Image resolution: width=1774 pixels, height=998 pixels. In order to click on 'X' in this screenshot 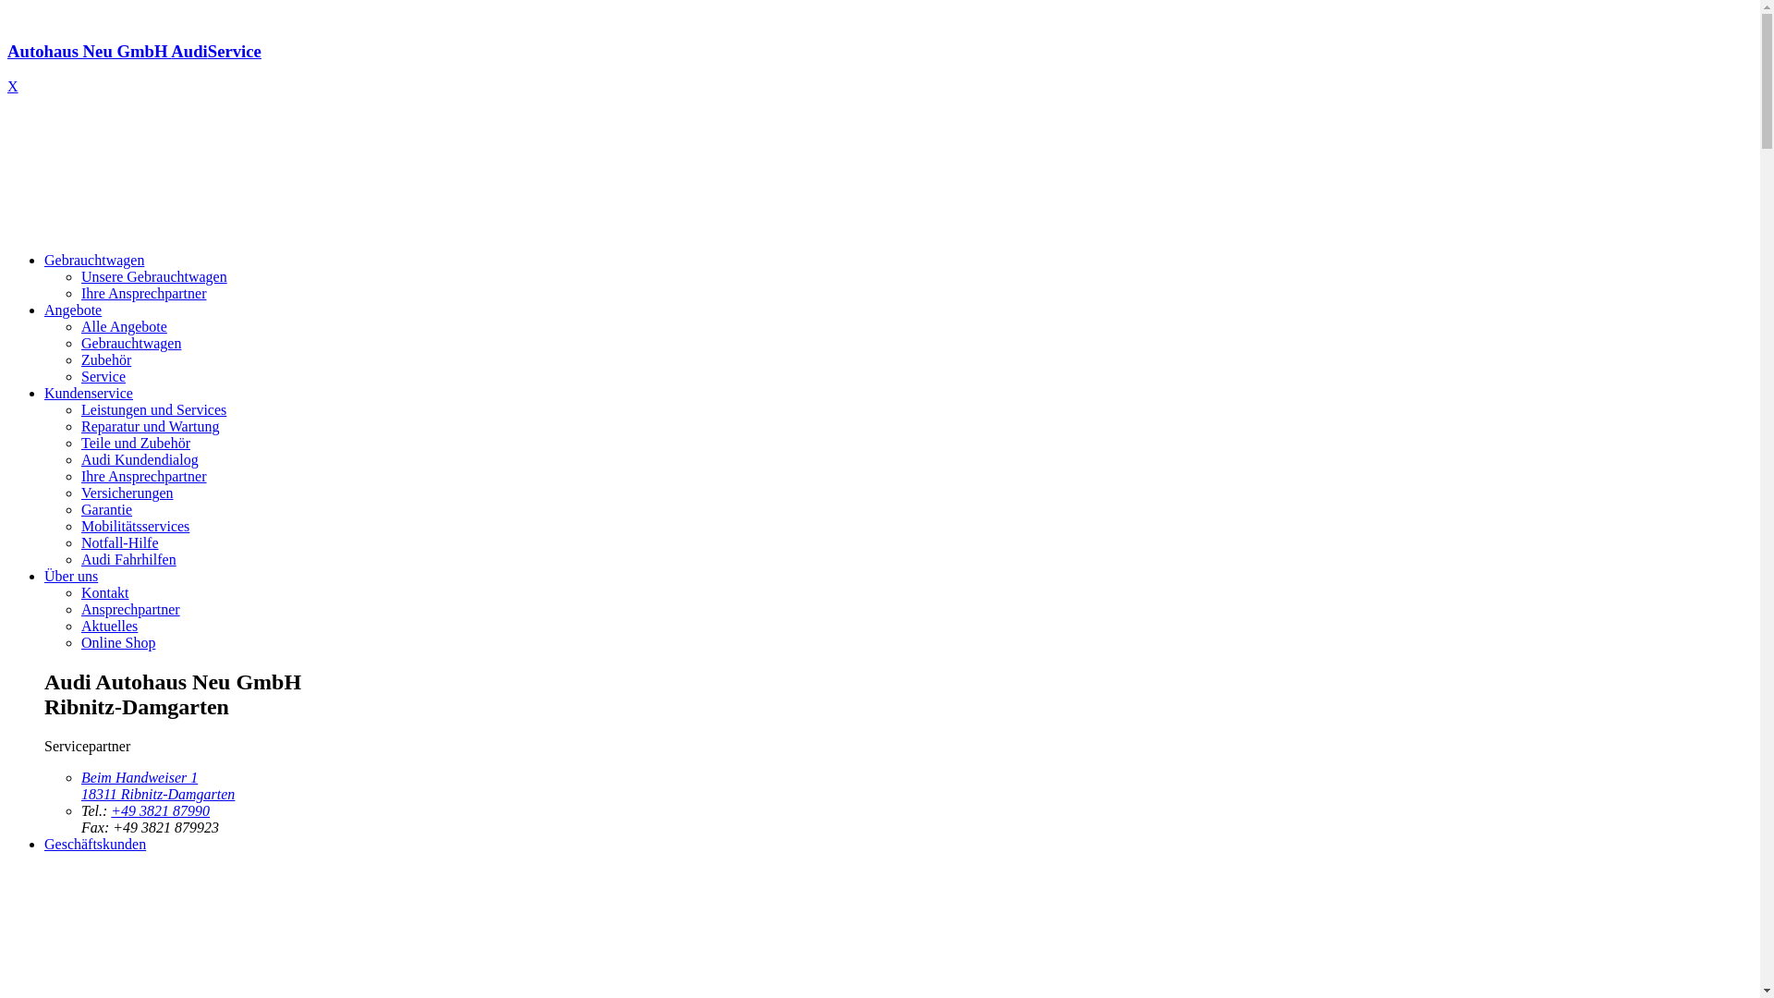, I will do `click(13, 86)`.